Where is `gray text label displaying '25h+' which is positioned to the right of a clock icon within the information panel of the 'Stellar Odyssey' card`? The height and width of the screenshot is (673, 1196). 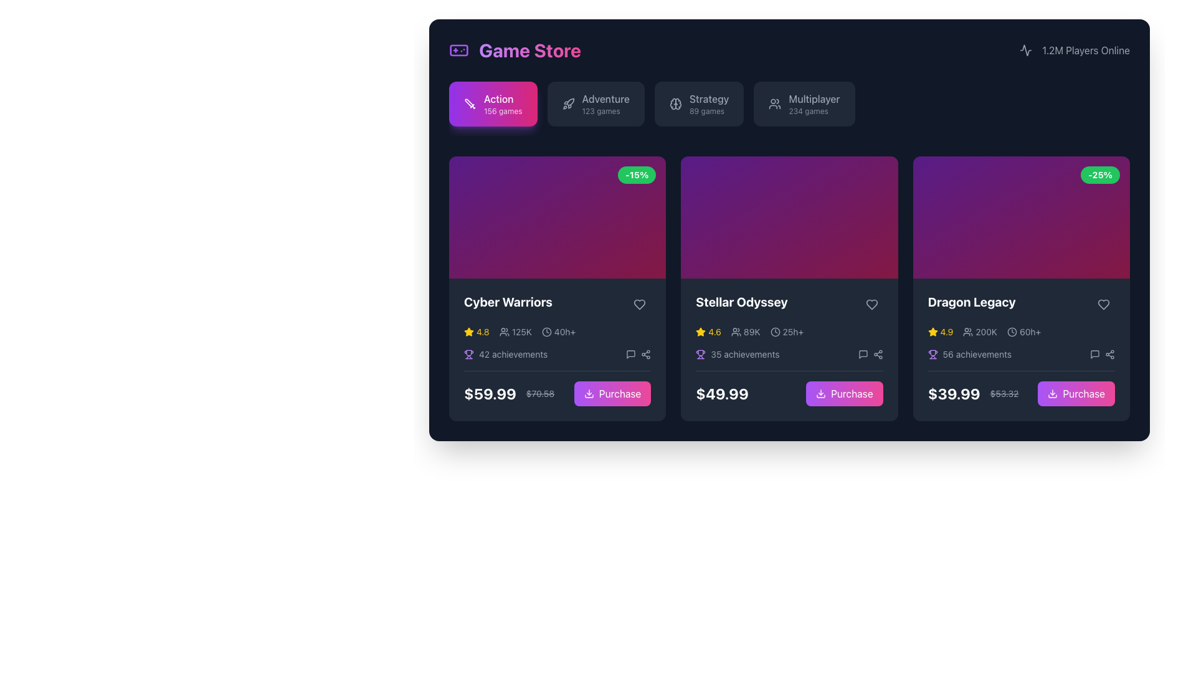 gray text label displaying '25h+' which is positioned to the right of a clock icon within the information panel of the 'Stellar Odyssey' card is located at coordinates (792, 331).